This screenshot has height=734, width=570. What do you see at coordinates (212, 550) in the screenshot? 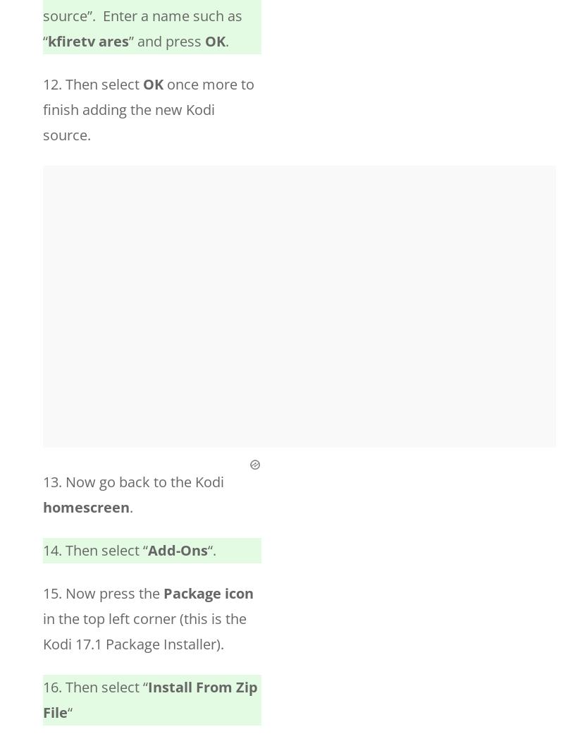
I see `'“.'` at bounding box center [212, 550].